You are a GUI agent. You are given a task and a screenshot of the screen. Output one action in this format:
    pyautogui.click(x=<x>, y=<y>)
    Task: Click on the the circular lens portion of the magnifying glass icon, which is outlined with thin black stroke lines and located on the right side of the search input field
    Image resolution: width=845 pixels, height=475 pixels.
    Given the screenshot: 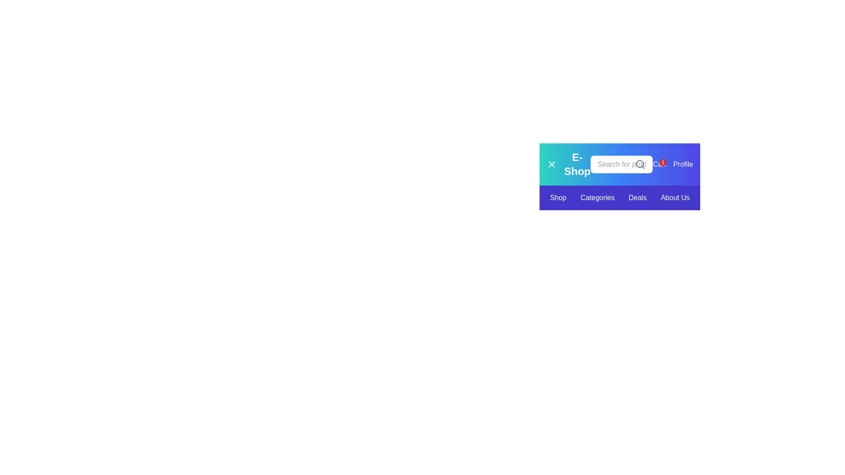 What is the action you would take?
    pyautogui.click(x=640, y=164)
    